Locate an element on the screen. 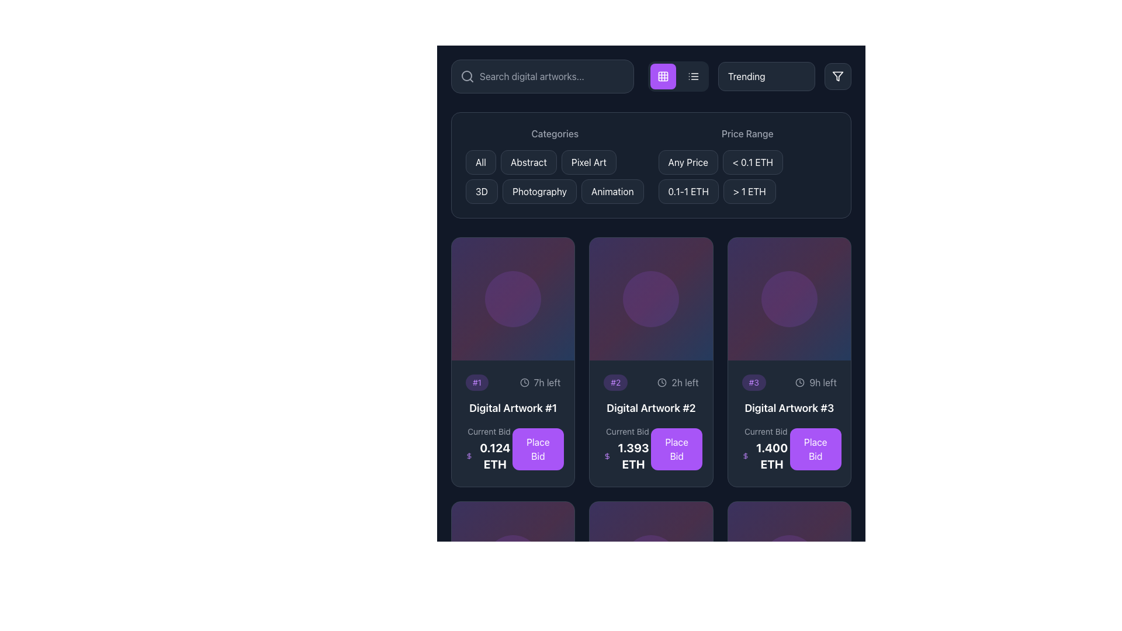  the button with a purple background featuring a grid icon, which is the second button from the left in the top row of controls is located at coordinates (650, 77).